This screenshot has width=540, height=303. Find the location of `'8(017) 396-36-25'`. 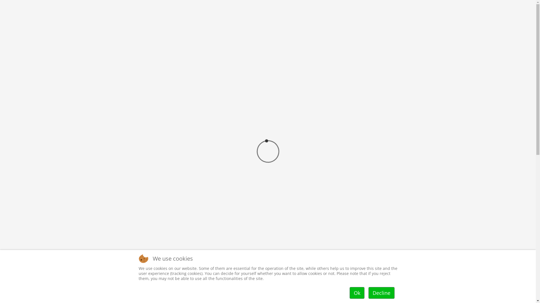

'8(017) 396-36-25' is located at coordinates (351, 264).